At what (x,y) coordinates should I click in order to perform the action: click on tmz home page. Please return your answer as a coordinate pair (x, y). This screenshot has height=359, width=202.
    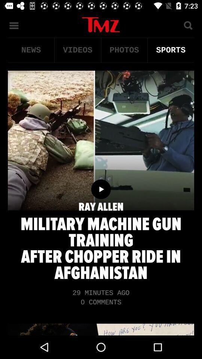
    Looking at the image, I should click on (101, 25).